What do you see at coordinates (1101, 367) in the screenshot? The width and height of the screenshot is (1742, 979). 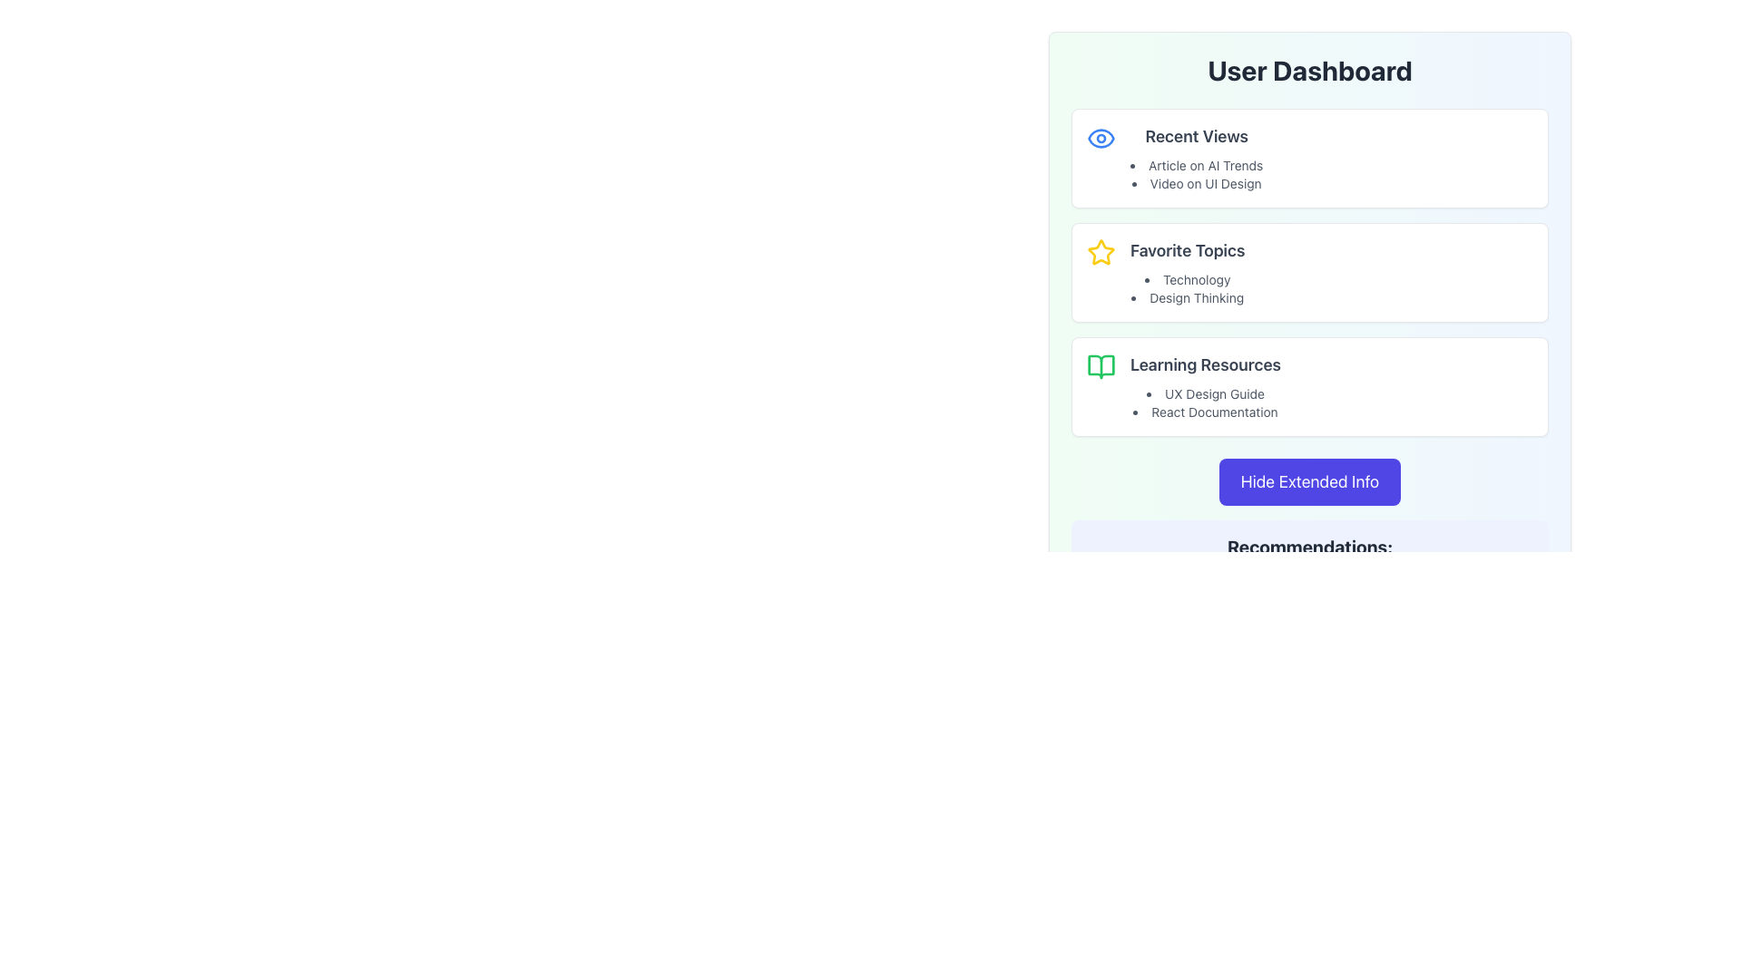 I see `the right side shape of the open book icon, which is styled in green and located in the 'Learning Resources' section under 'Favorite Topics'` at bounding box center [1101, 367].